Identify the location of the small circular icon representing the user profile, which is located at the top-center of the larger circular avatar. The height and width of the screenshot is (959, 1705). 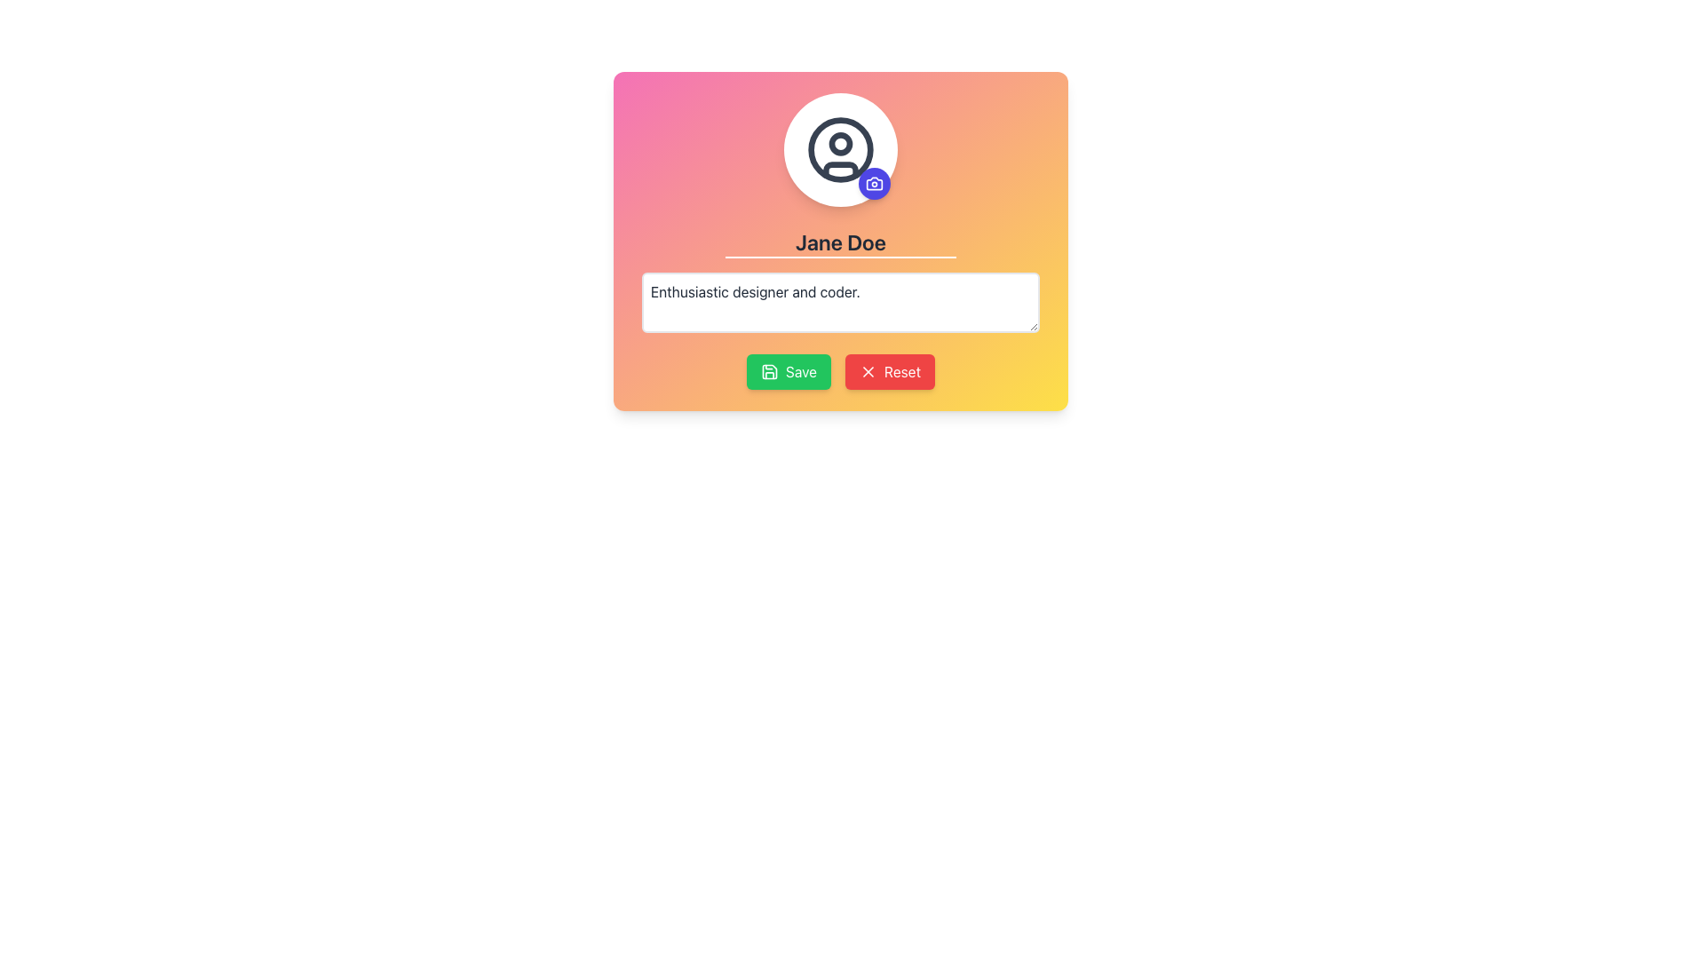
(839, 143).